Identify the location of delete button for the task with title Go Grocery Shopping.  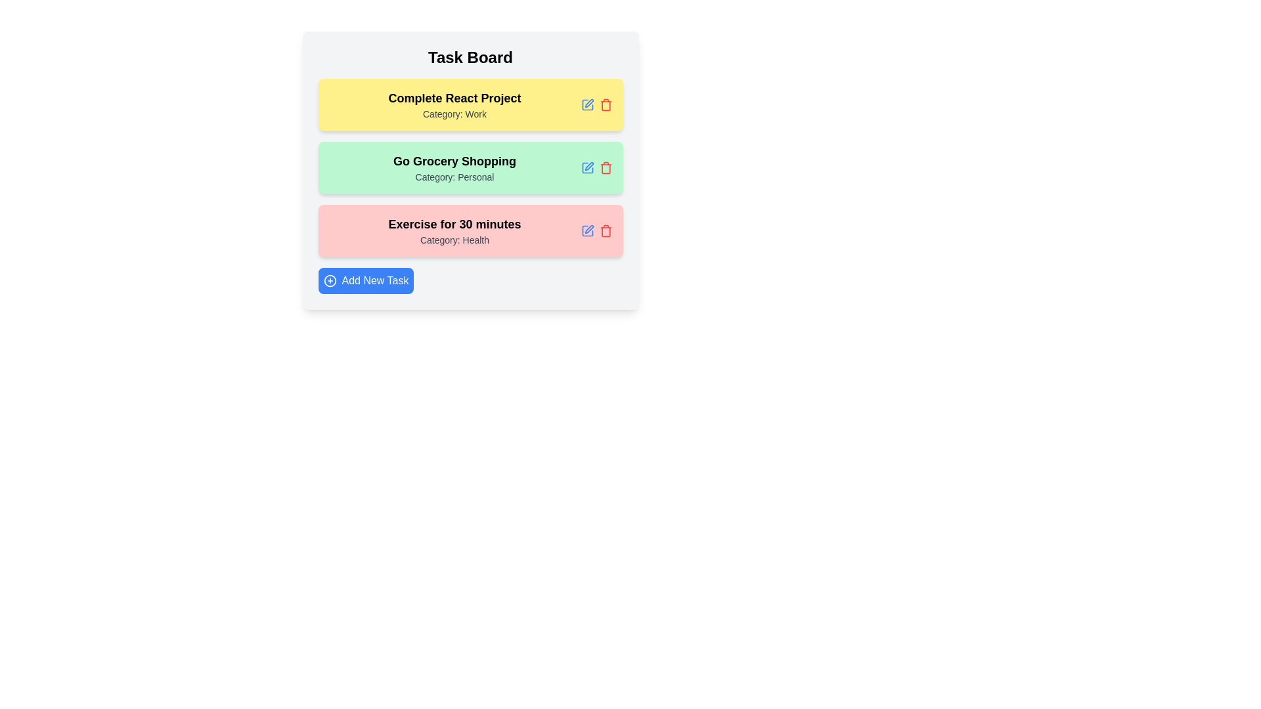
(605, 167).